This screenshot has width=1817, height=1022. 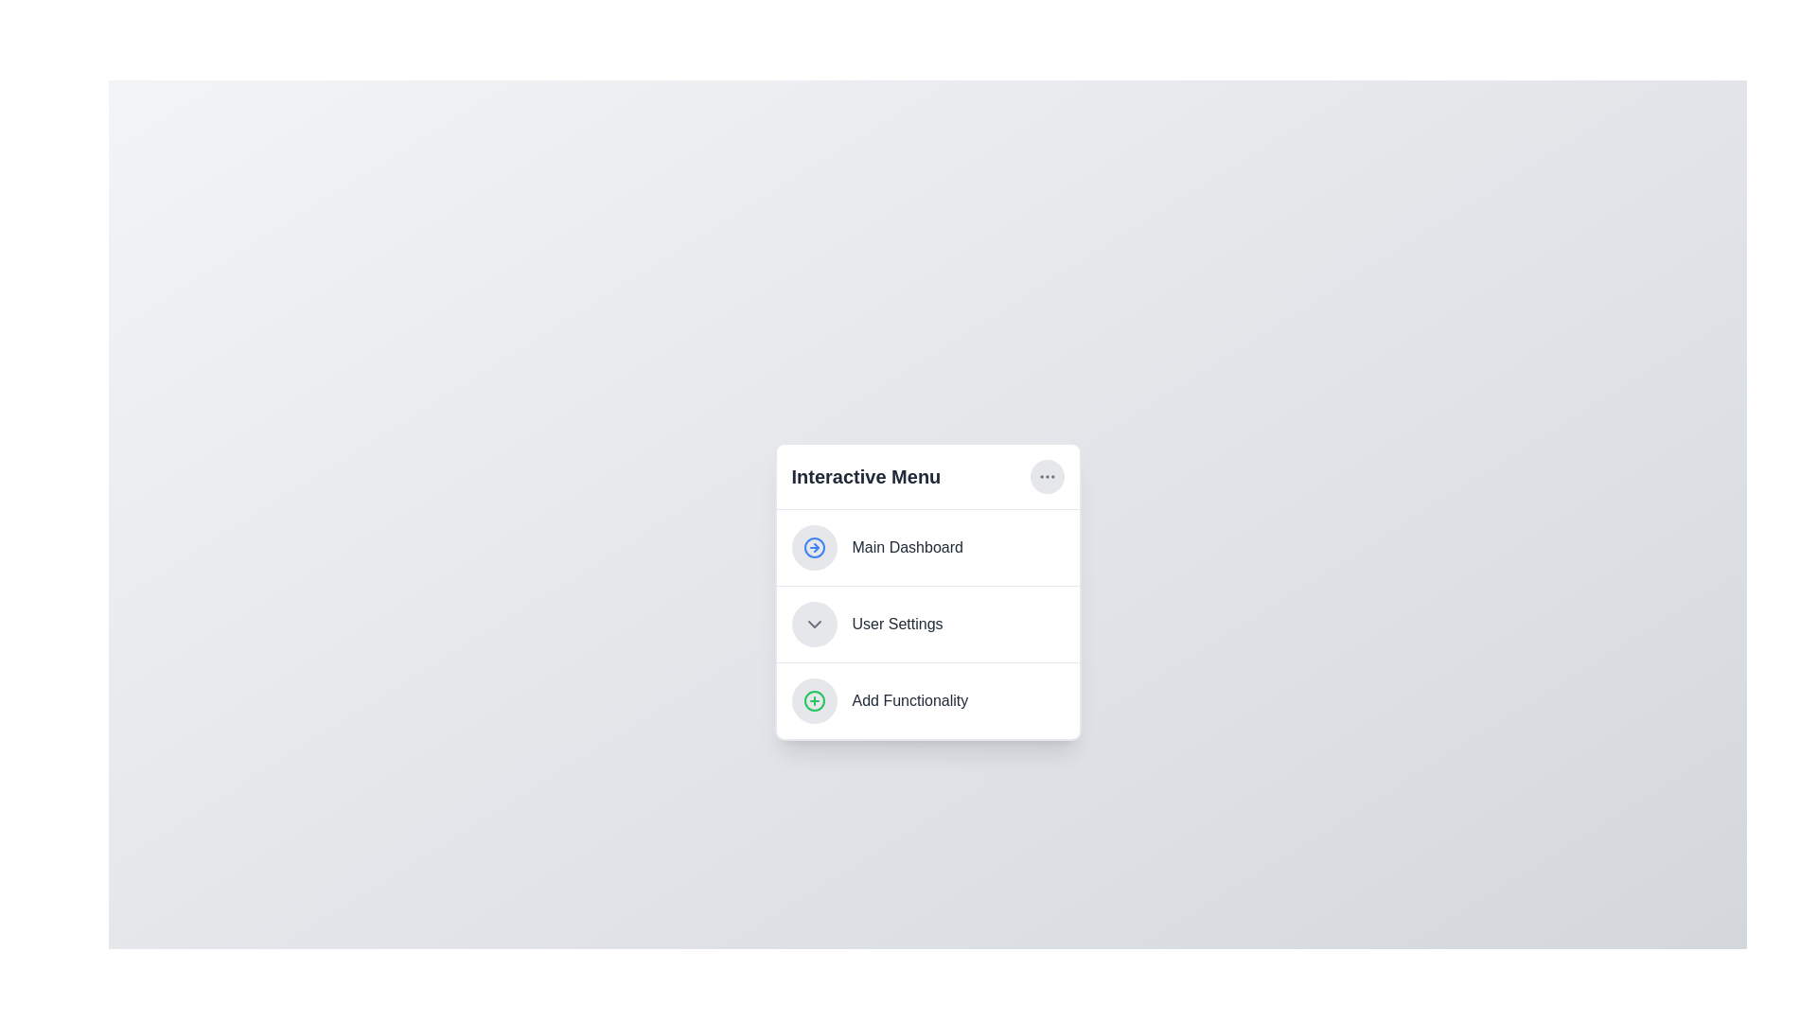 I want to click on the menu item corresponding to Add Functionality, so click(x=927, y=700).